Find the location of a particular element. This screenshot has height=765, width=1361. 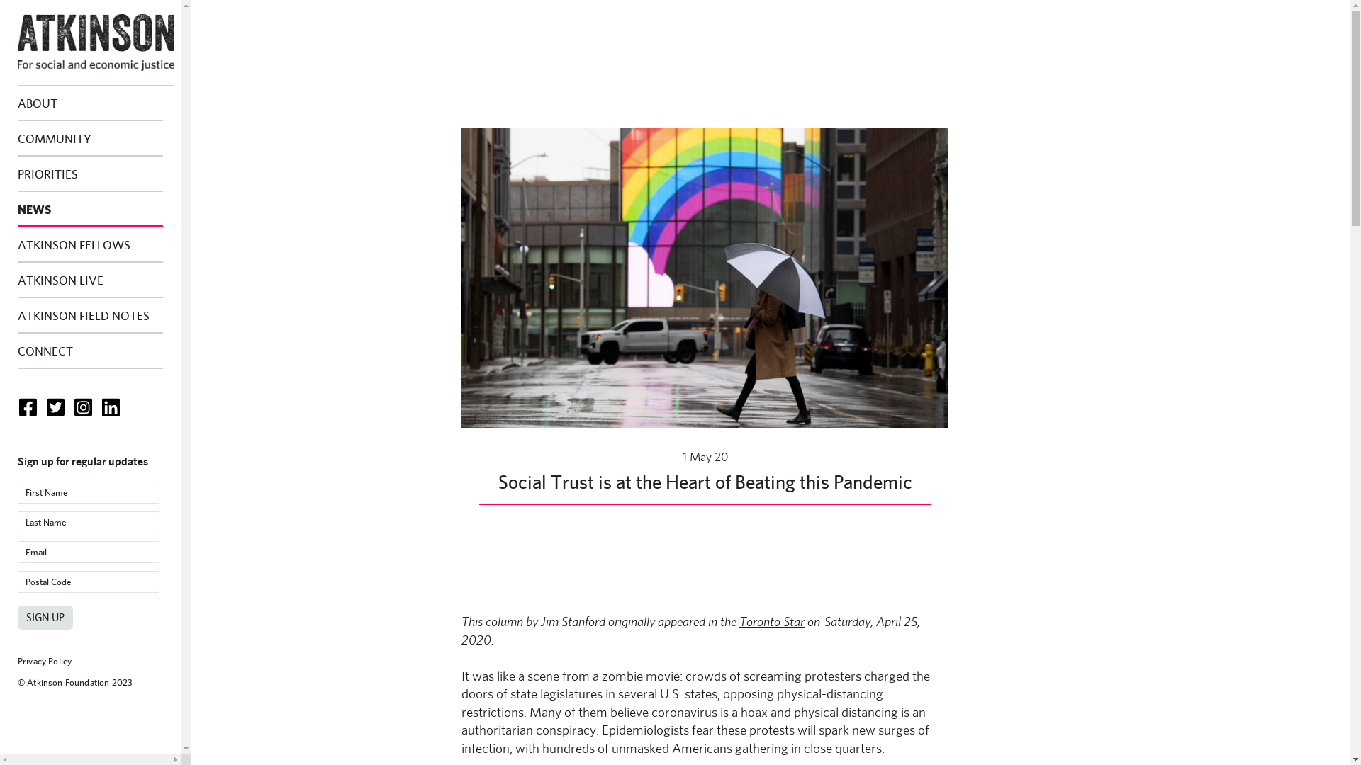

'ABOUT' is located at coordinates (89, 103).